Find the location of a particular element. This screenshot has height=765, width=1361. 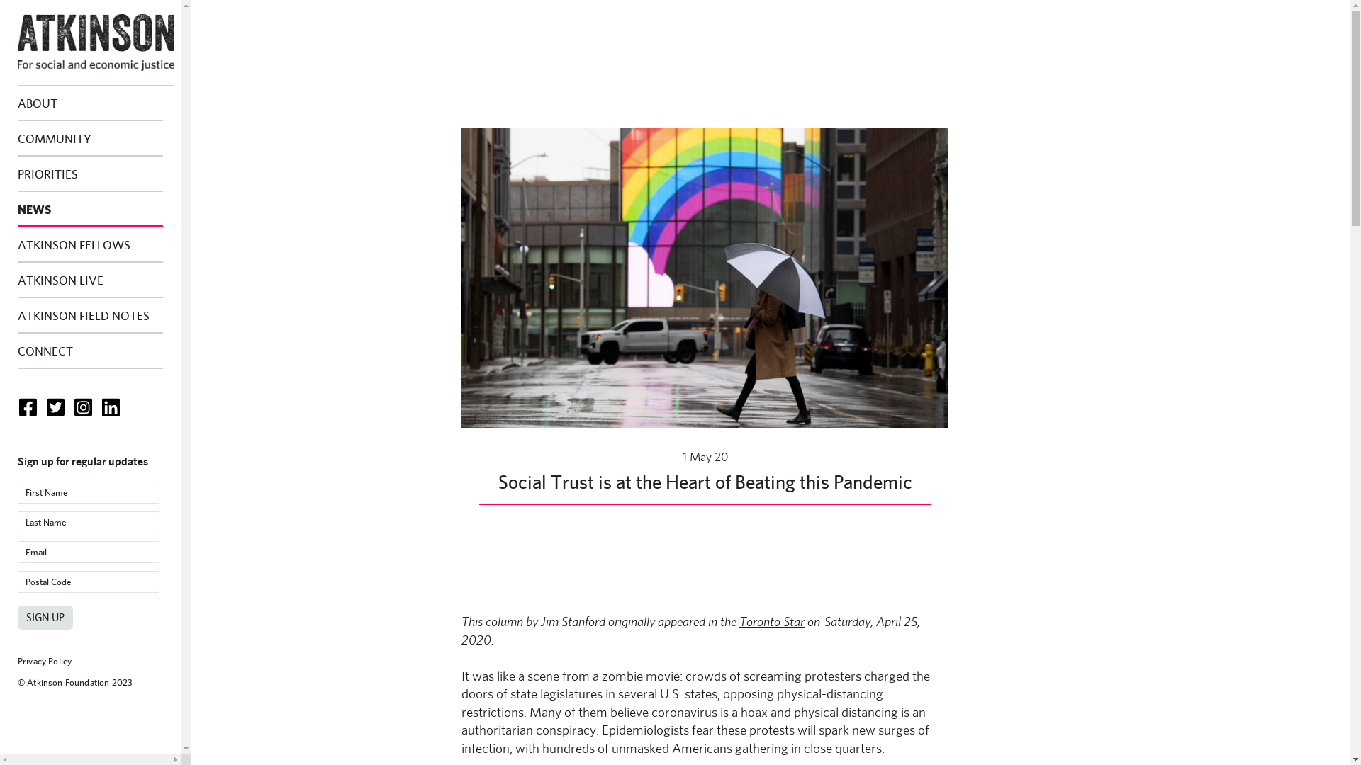

'ABOUT' is located at coordinates (89, 103).